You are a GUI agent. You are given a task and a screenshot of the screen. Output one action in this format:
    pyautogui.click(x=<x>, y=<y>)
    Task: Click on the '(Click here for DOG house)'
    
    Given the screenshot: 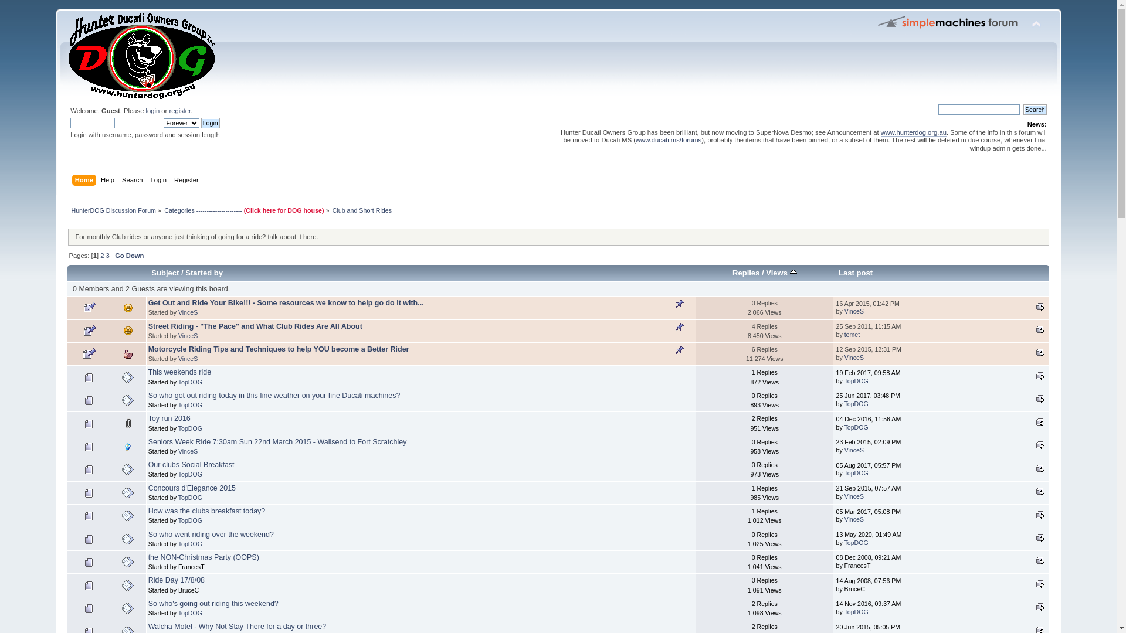 What is the action you would take?
    pyautogui.click(x=243, y=209)
    